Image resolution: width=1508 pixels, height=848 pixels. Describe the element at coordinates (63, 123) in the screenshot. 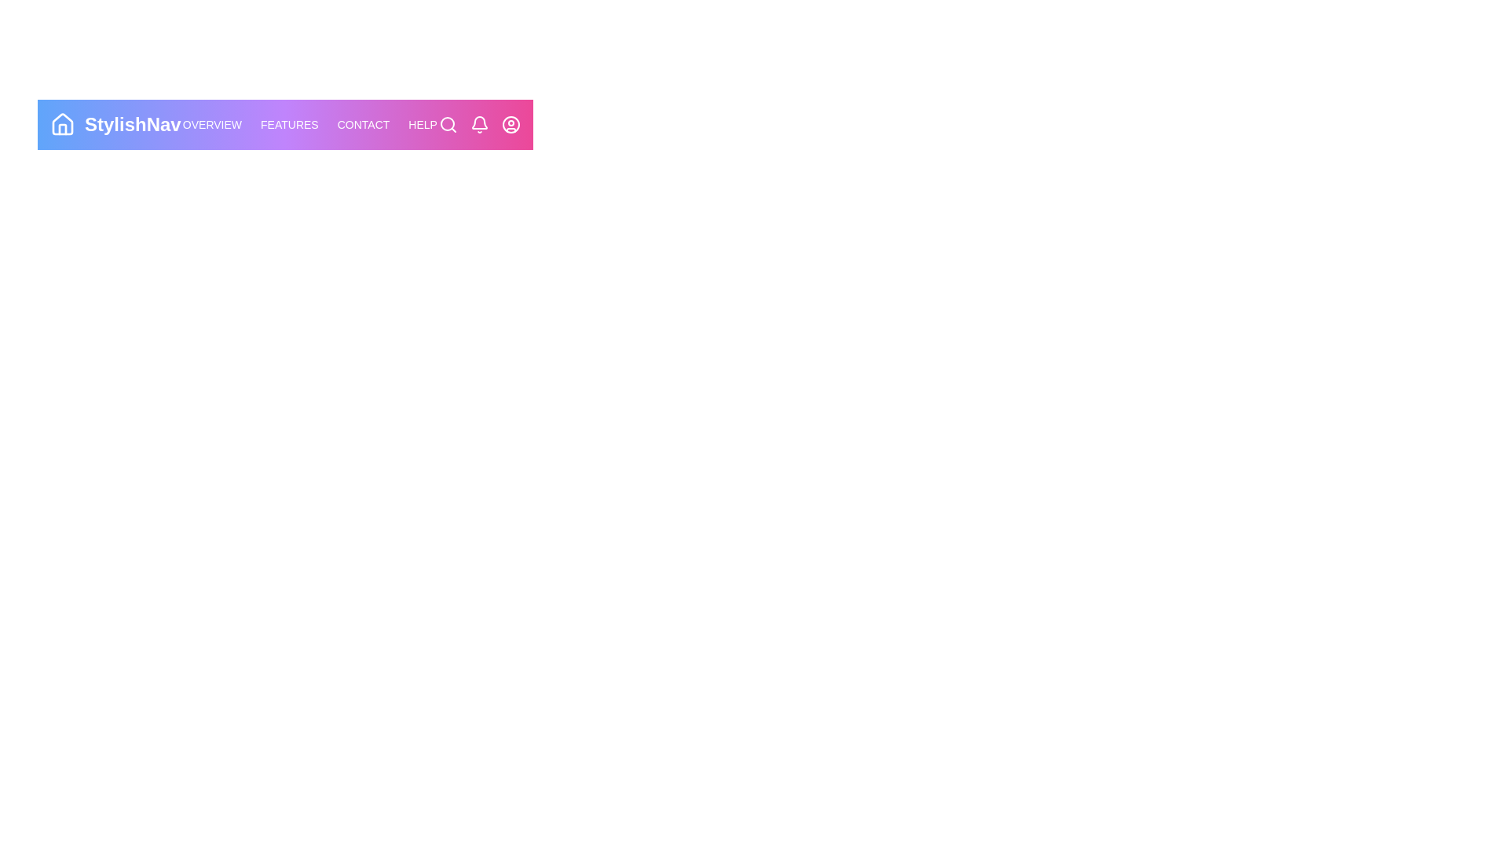

I see `the Home icon in the StyledAppBar` at that location.